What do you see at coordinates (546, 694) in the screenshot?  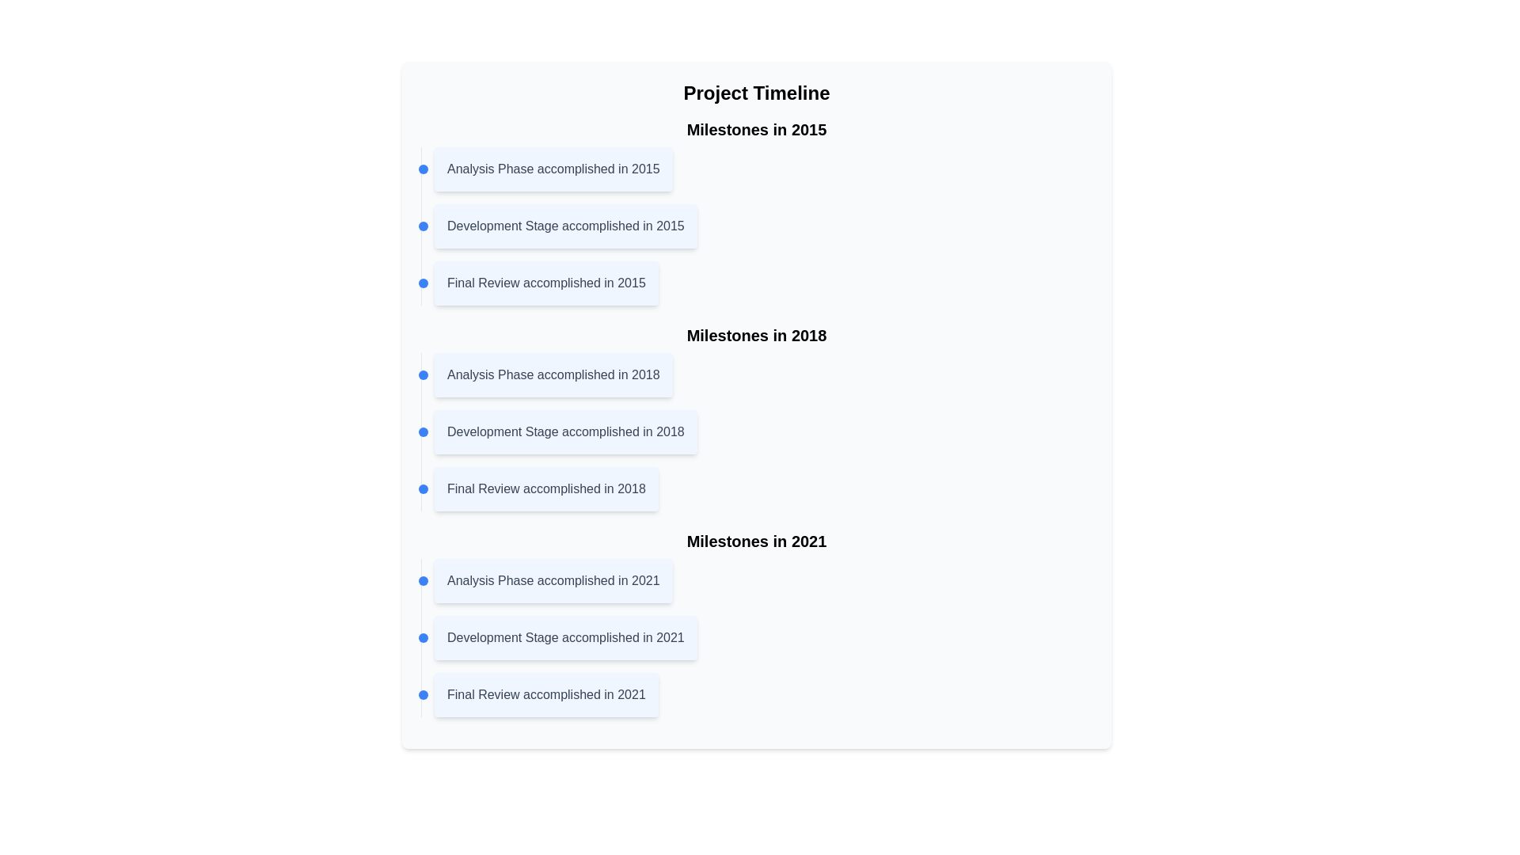 I see `the text label that states 'Final Review accomplished in 2021', which is styled in gray and positioned at the bottom of the 'Milestones in 2021' section of the timeline interface` at bounding box center [546, 694].